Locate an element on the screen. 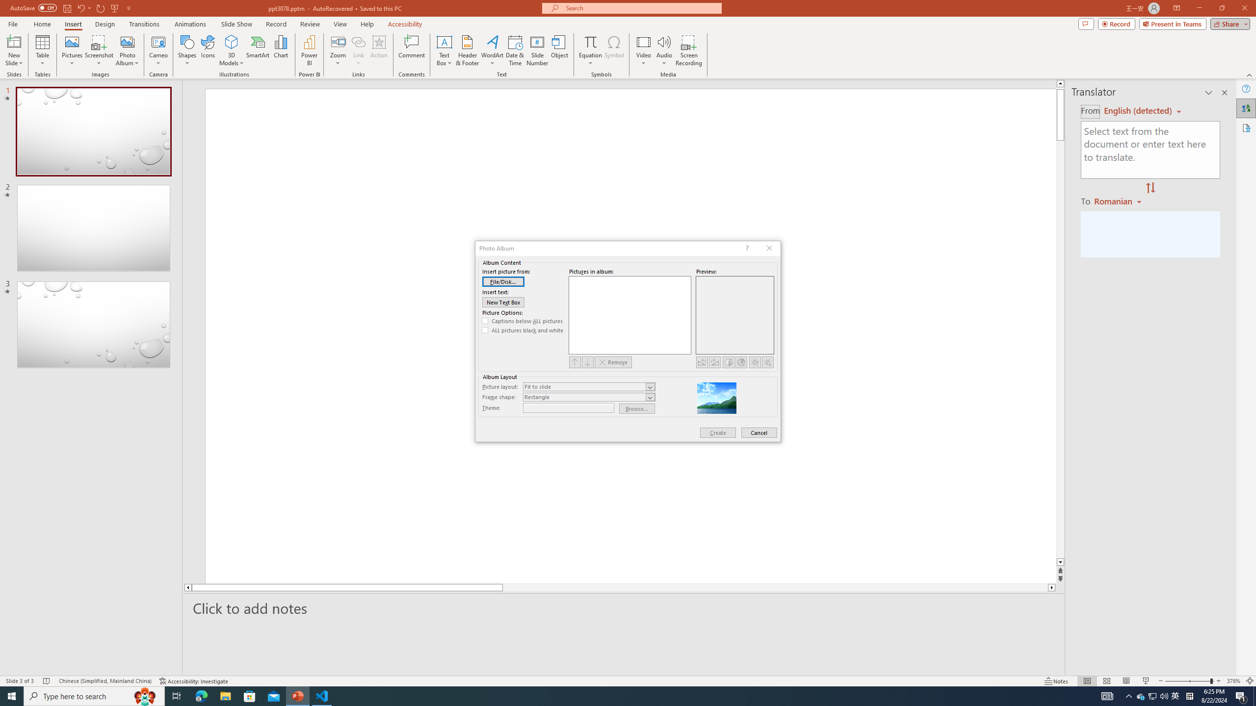 The width and height of the screenshot is (1256, 706). 'ALL pictures black and white' is located at coordinates (523, 330).